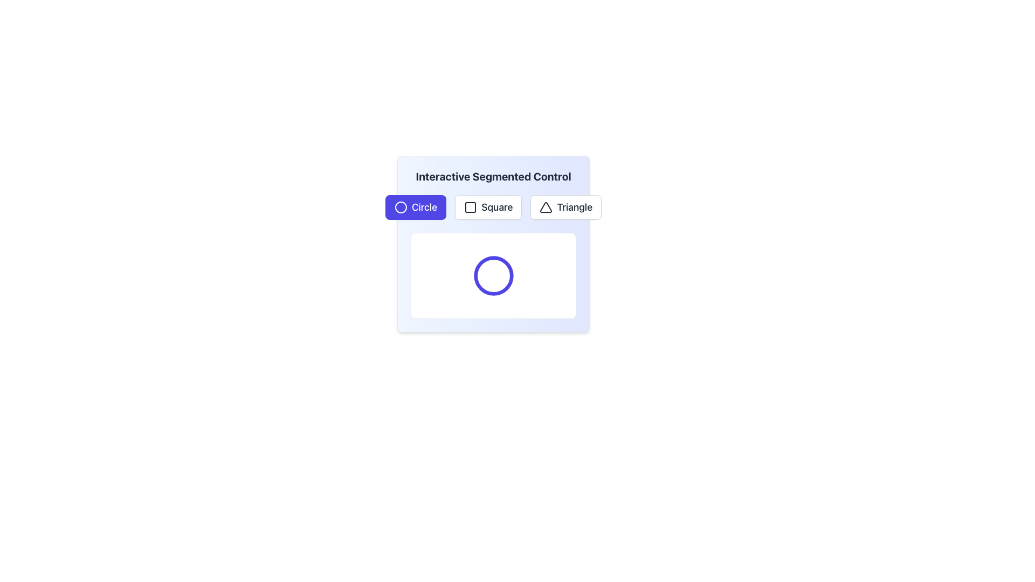 The width and height of the screenshot is (1035, 582). Describe the element at coordinates (415, 207) in the screenshot. I see `the 'Circle' button, the leftmost button in the segmented control` at that location.